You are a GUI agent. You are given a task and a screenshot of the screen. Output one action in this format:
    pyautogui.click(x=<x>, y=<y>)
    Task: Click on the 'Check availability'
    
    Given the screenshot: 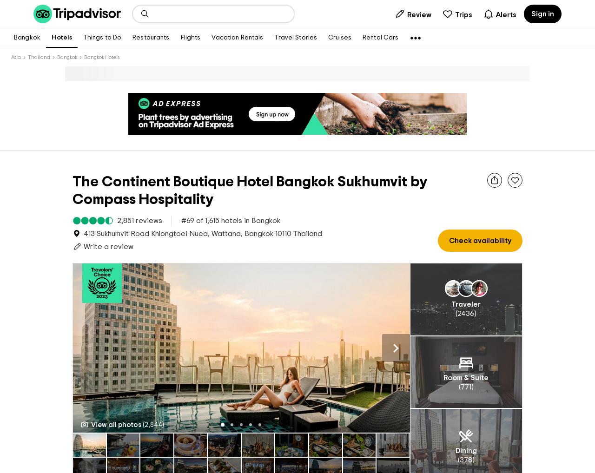 What is the action you would take?
    pyautogui.click(x=480, y=225)
    